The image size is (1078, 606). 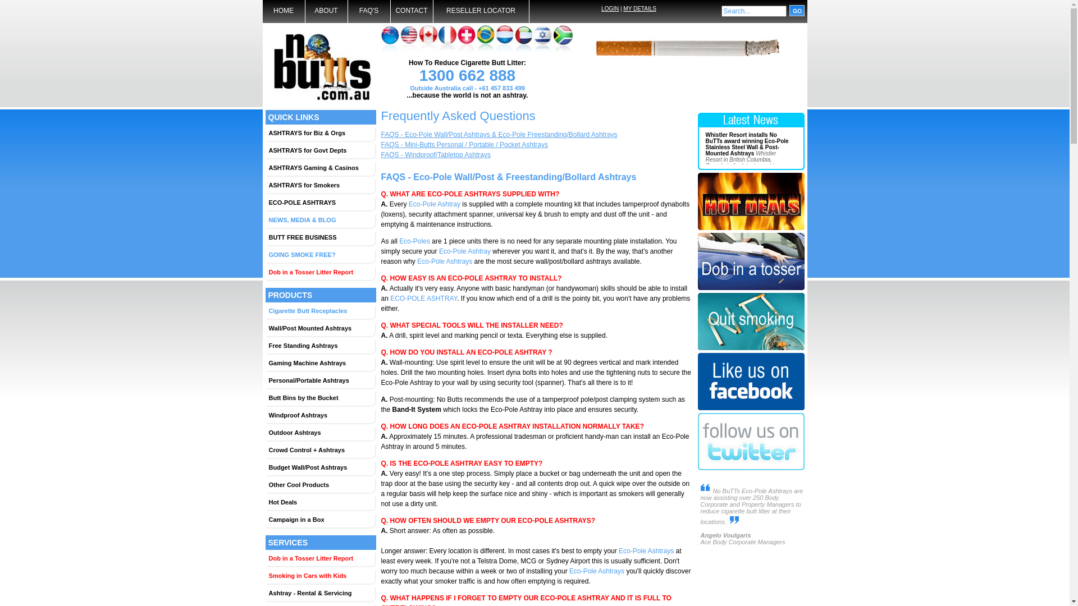 I want to click on 'Smoking in Cars with Kids', so click(x=320, y=576).